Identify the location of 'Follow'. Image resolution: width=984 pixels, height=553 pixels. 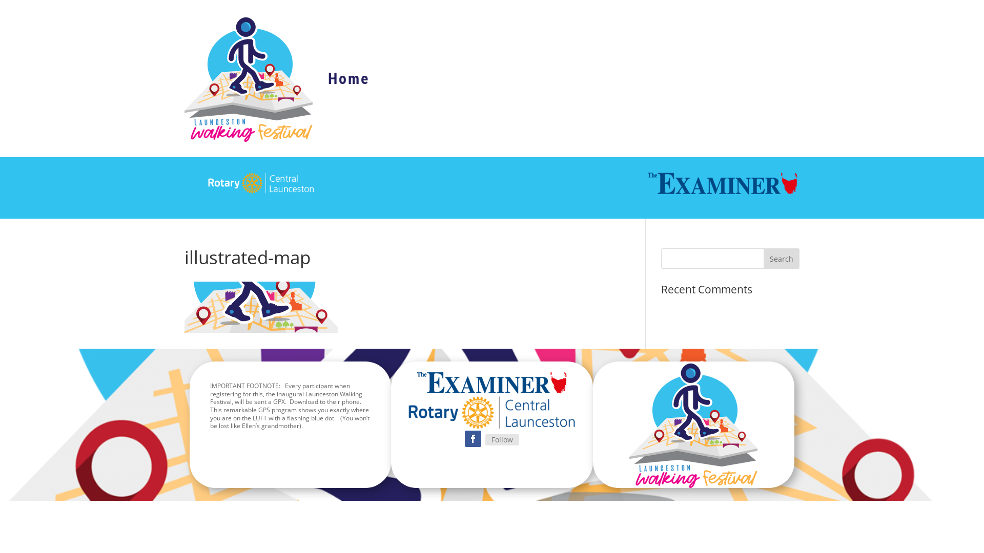
(484, 439).